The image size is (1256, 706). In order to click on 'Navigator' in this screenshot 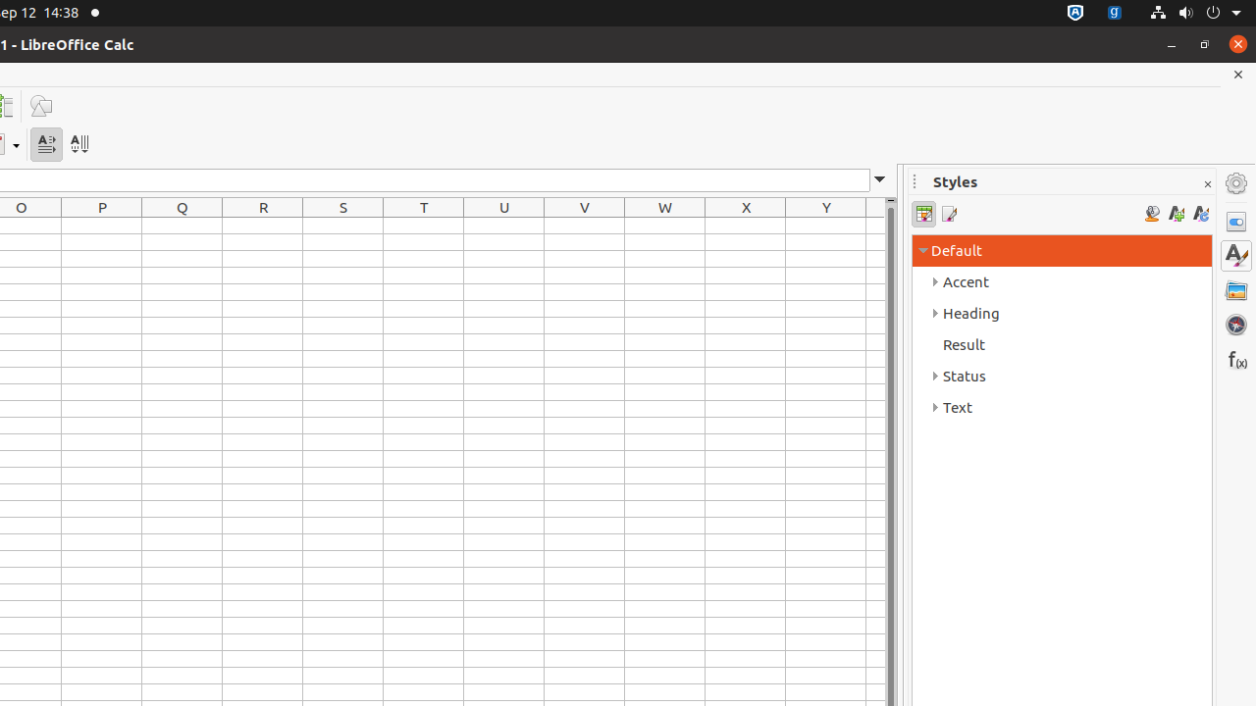, I will do `click(1235, 323)`.